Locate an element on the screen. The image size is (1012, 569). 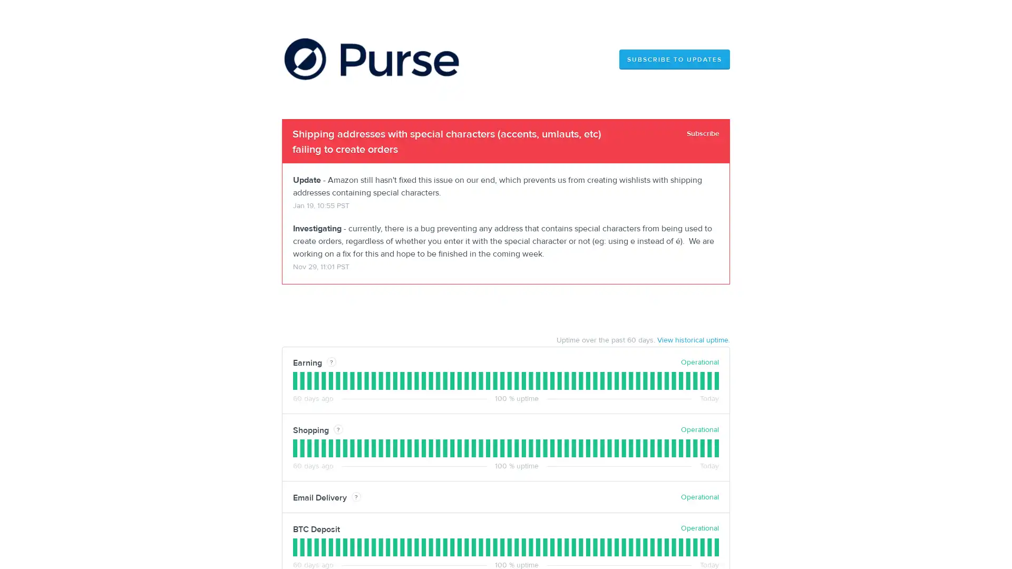
Subscribe is located at coordinates (703, 133).